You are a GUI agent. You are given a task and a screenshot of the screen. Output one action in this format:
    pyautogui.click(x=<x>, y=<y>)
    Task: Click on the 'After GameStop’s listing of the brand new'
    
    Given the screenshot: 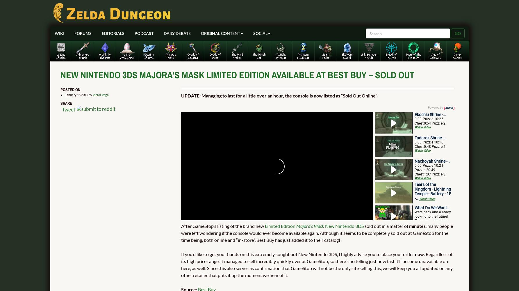 What is the action you would take?
    pyautogui.click(x=222, y=226)
    